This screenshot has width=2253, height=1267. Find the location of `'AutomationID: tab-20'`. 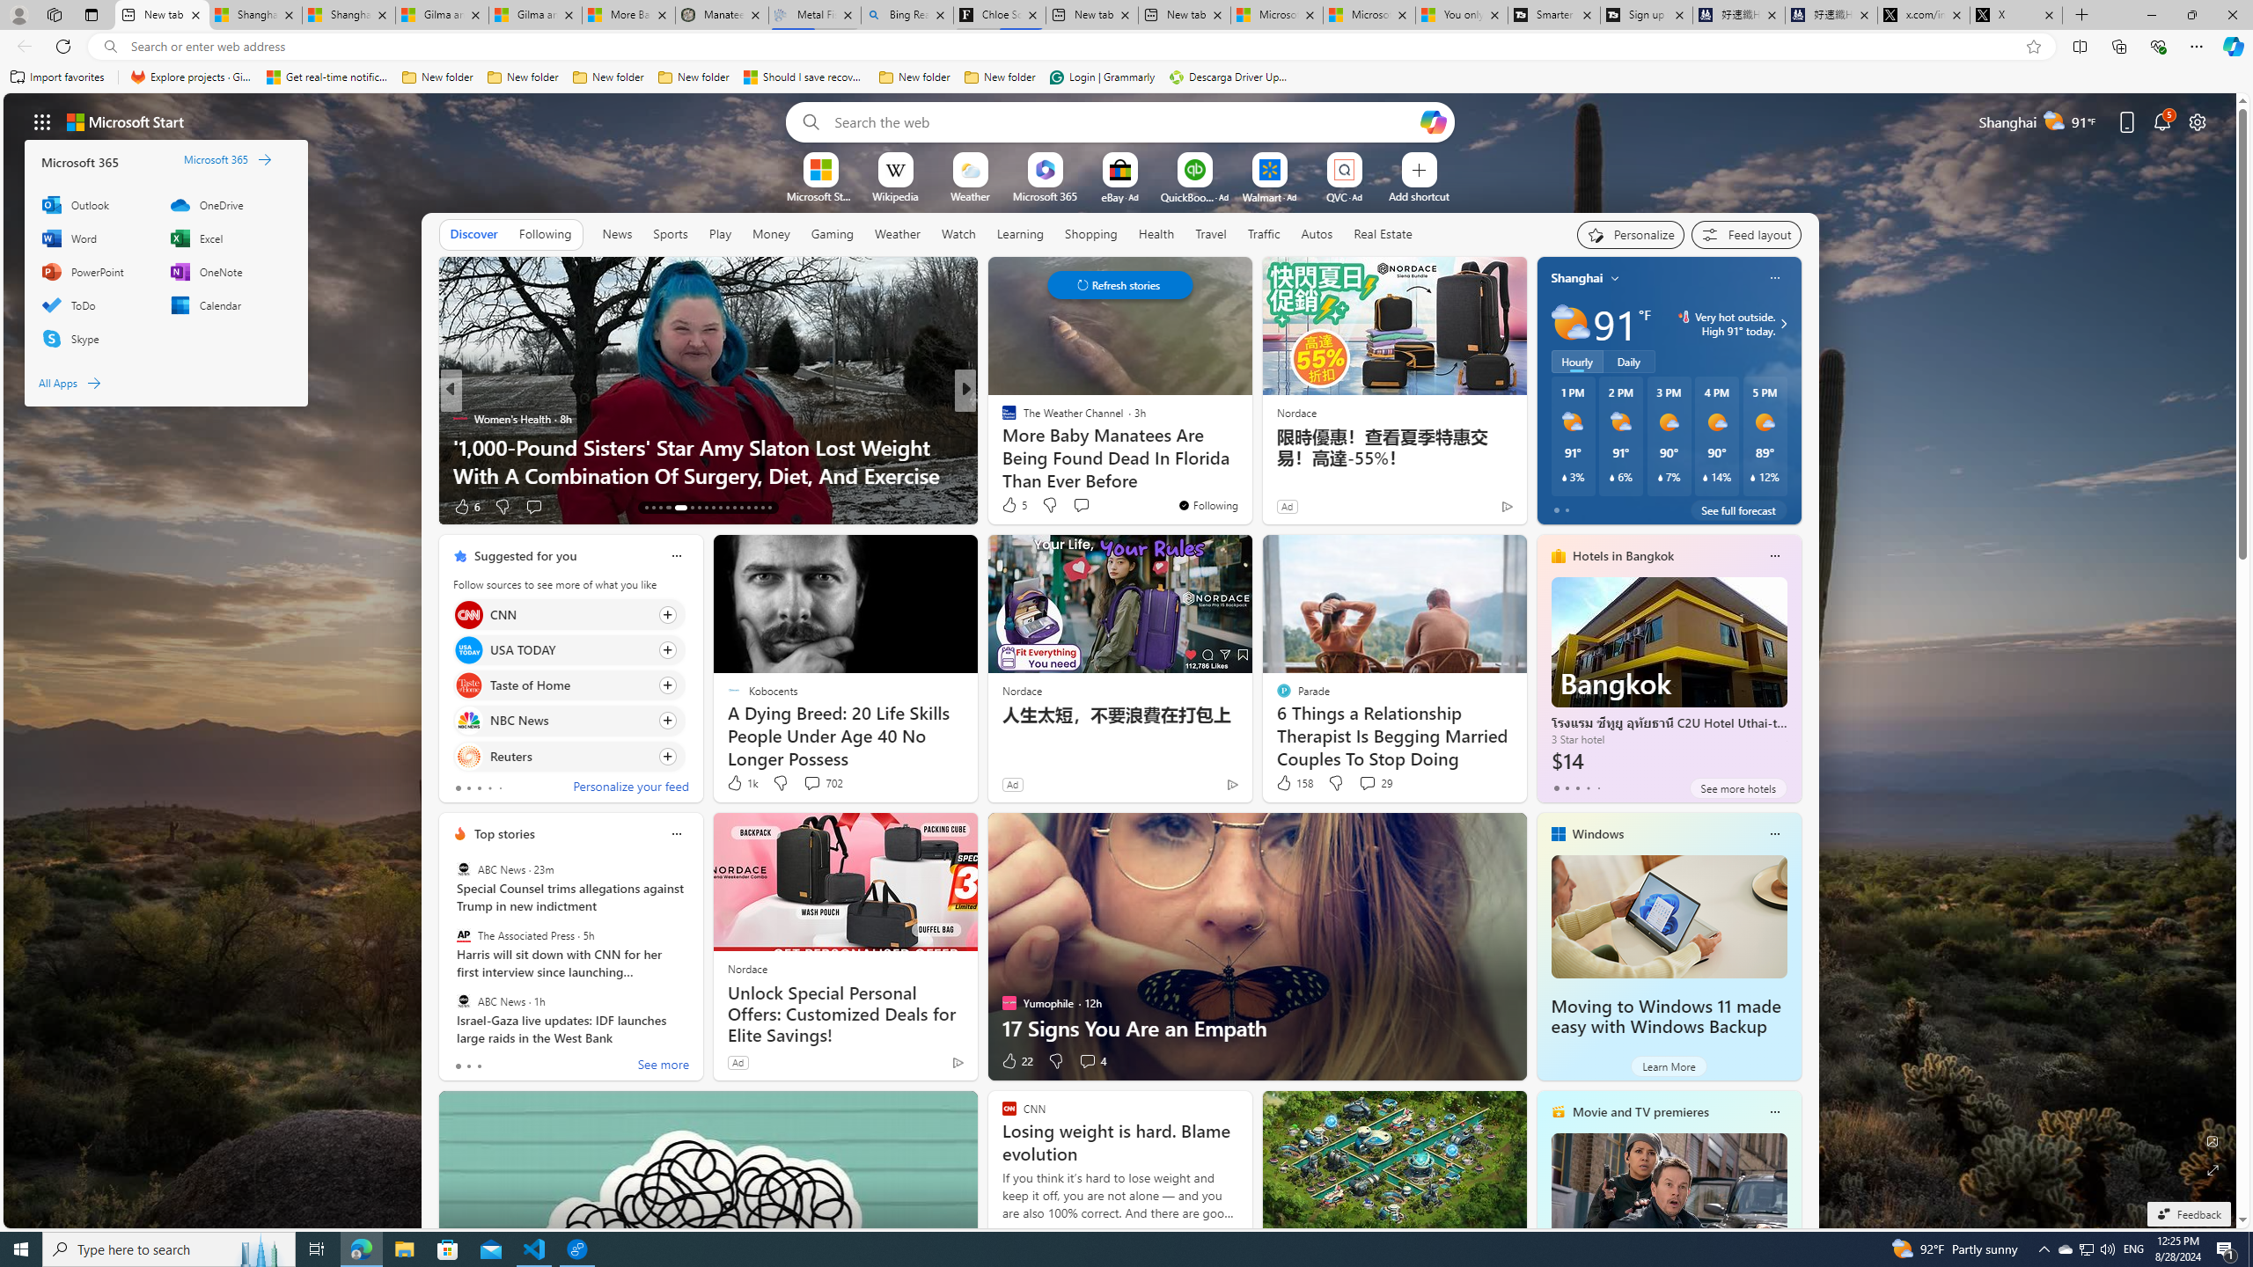

'AutomationID: tab-20' is located at coordinates (706, 508).